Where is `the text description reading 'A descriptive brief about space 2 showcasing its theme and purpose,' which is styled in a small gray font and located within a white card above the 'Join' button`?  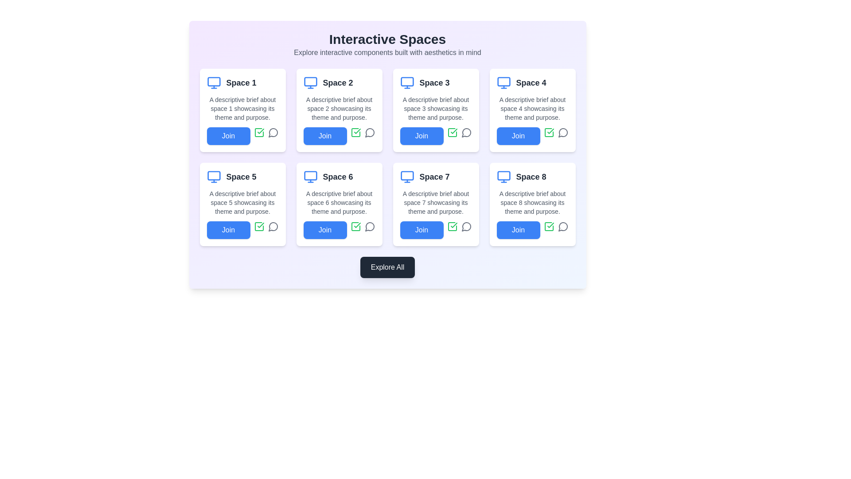
the text description reading 'A descriptive brief about space 2 showcasing its theme and purpose,' which is styled in a small gray font and located within a white card above the 'Join' button is located at coordinates (339, 108).